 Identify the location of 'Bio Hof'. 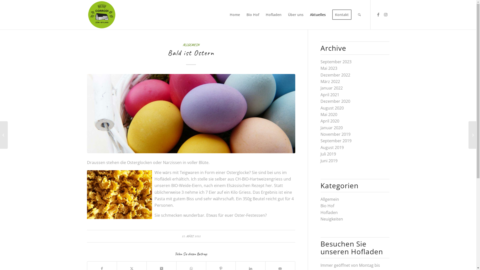
(252, 14).